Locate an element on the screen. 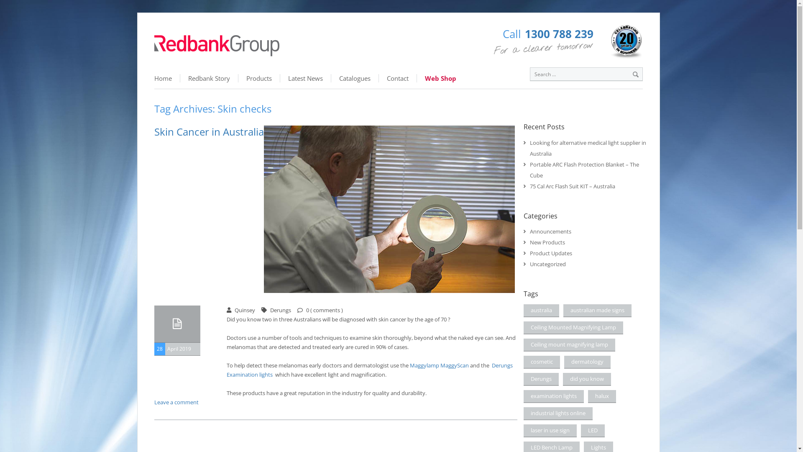 The width and height of the screenshot is (803, 452). 'Redbank Story' is located at coordinates (209, 78).